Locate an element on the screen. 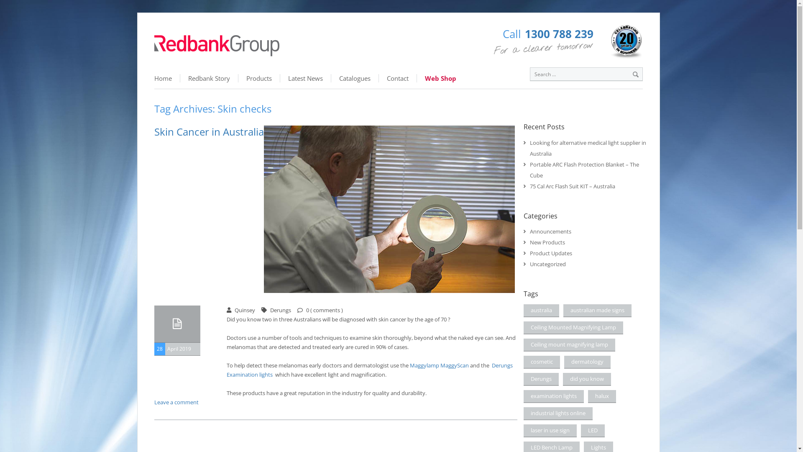 The width and height of the screenshot is (803, 452). 'Redbank Story' is located at coordinates (209, 78).